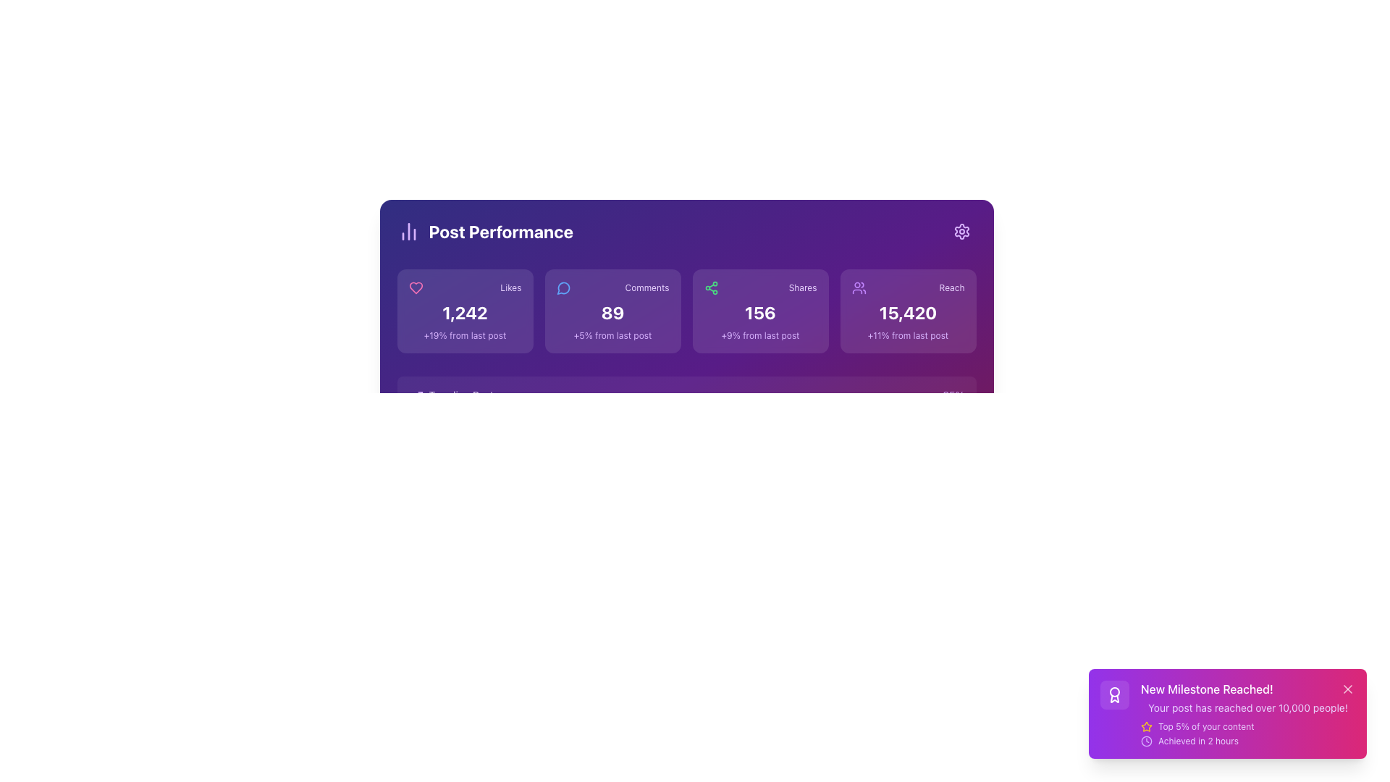 The width and height of the screenshot is (1390, 782). I want to click on the heart-shaped icon located to the left of the 'Likes' label in the 'Post Performance' section, so click(415, 287).